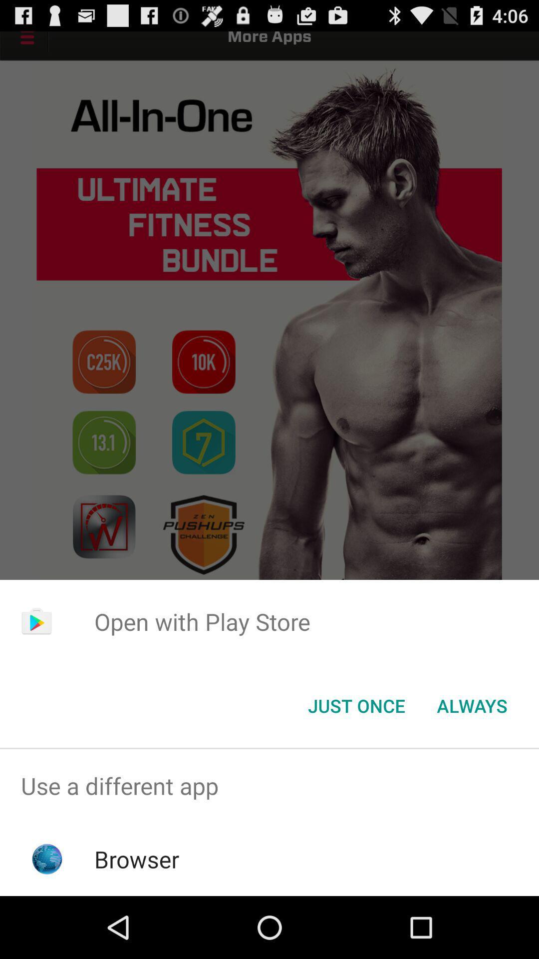 The image size is (539, 959). What do you see at coordinates (356, 705) in the screenshot?
I see `the app below the open with play item` at bounding box center [356, 705].